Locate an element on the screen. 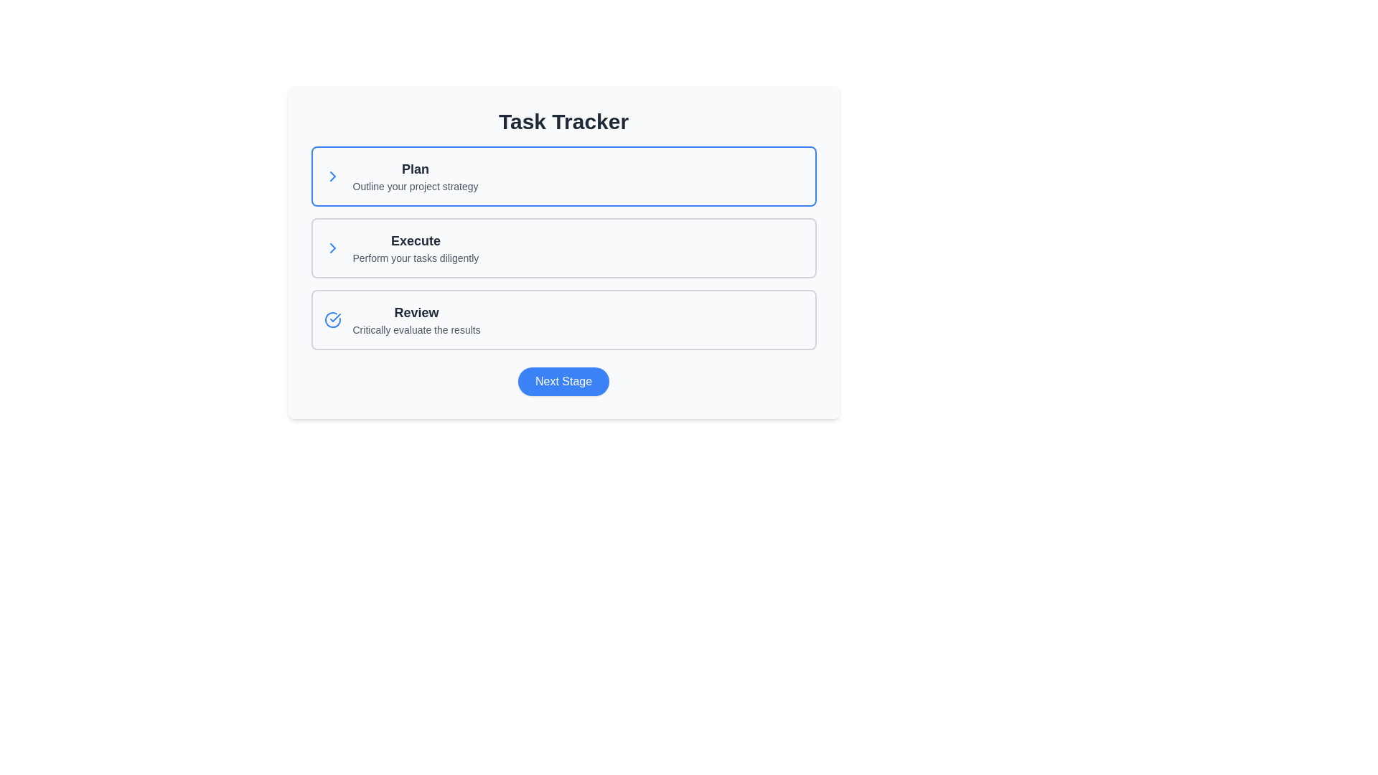  the chevron icon located to the left of the 'Plan' text, which indicates additional details or actions related to the 'Plan' section is located at coordinates (332, 176).